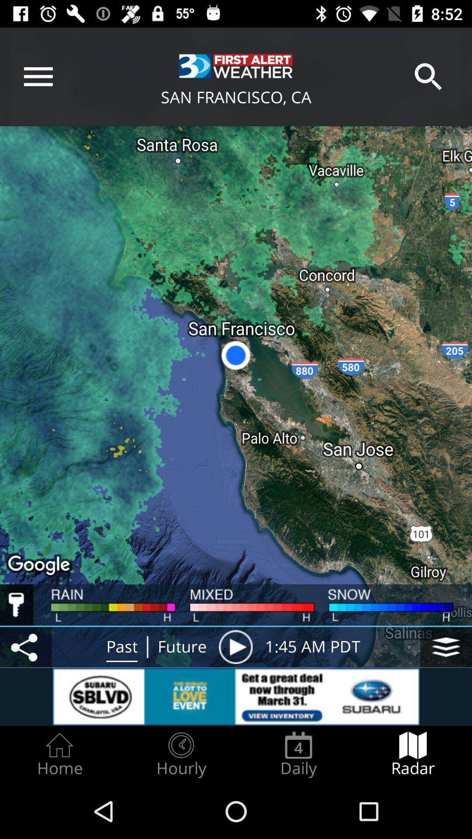  What do you see at coordinates (235, 647) in the screenshot?
I see `se` at bounding box center [235, 647].